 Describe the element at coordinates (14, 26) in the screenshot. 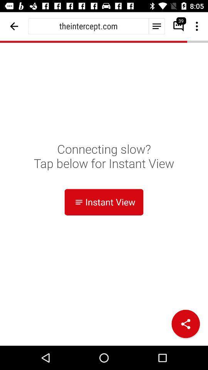

I see `no bounding box` at that location.